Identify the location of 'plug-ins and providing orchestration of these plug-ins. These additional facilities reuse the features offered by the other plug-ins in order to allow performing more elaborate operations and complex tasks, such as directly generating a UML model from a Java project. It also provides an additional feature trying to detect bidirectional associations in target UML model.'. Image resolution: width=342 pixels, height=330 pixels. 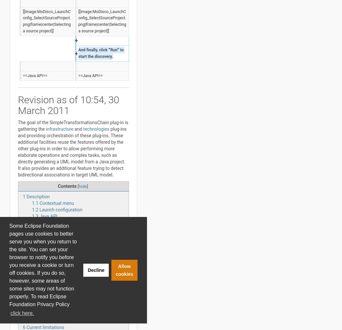
(72, 152).